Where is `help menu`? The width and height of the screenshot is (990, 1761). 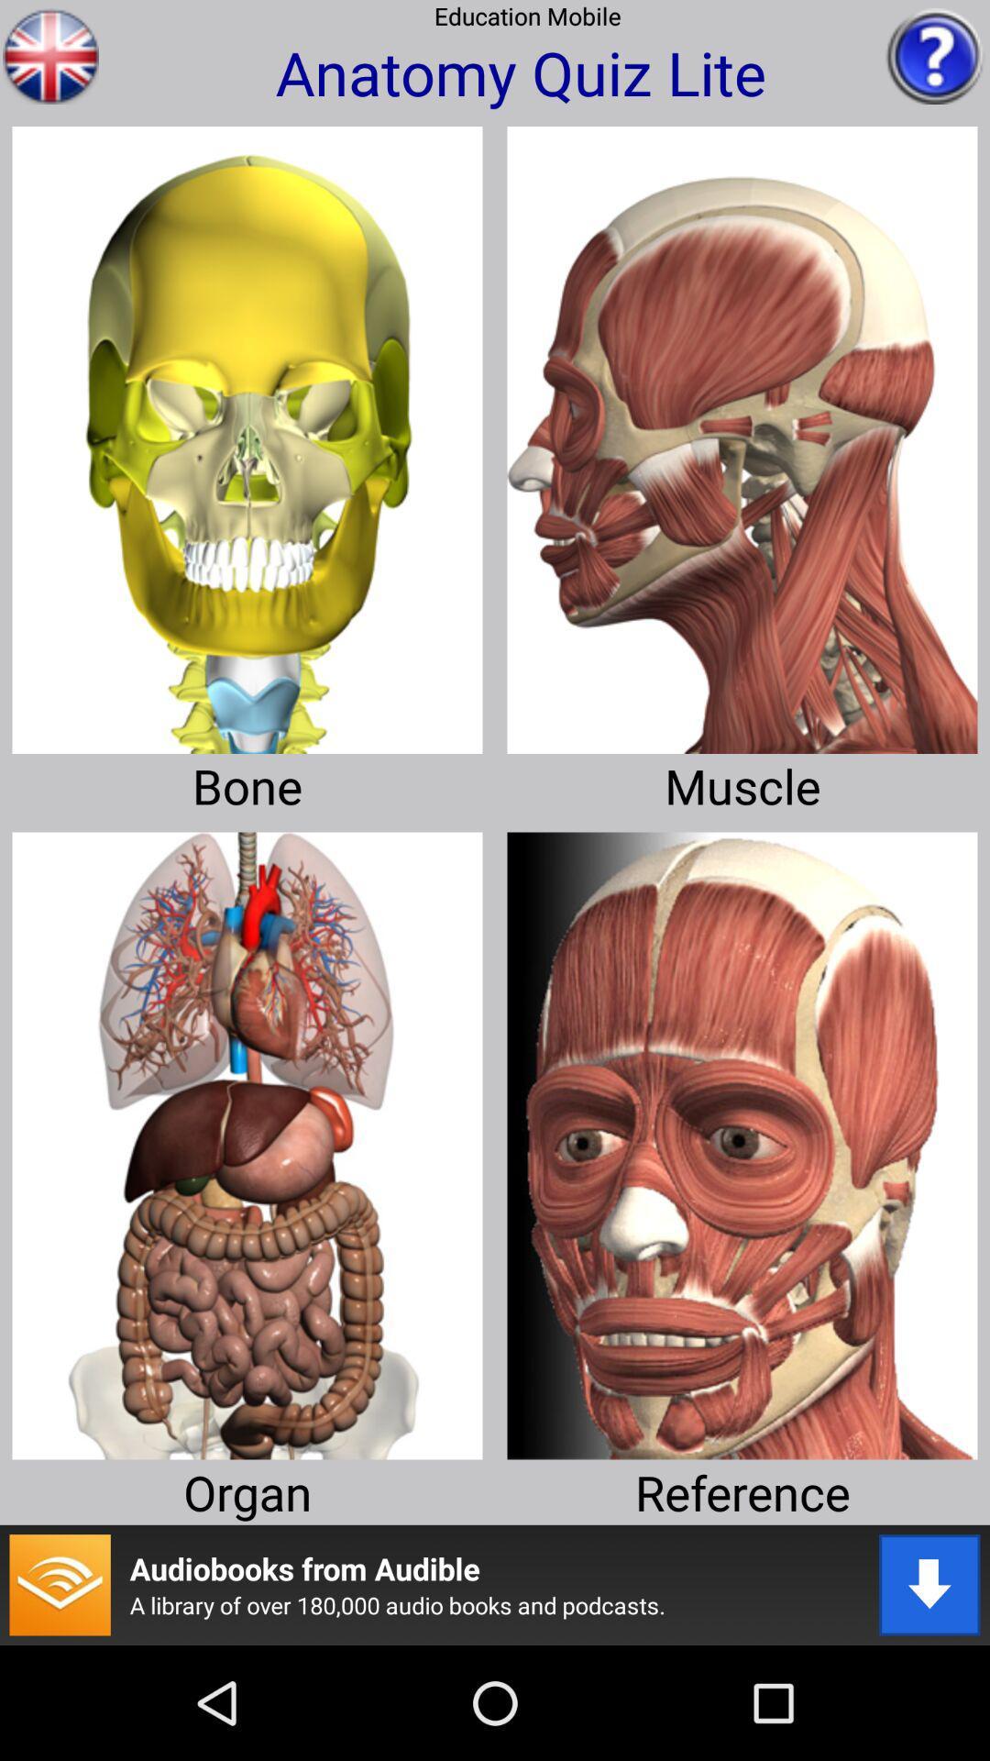 help menu is located at coordinates (935, 56).